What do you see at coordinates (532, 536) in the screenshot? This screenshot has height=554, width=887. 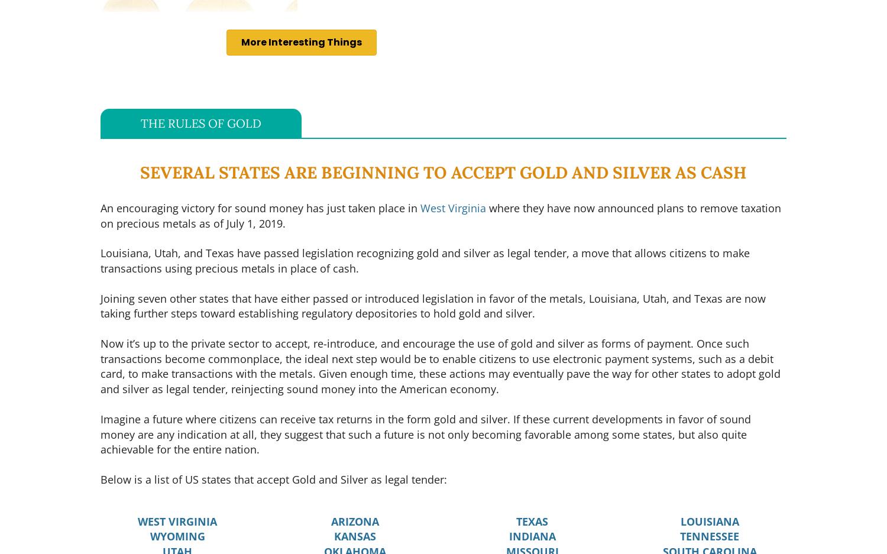 I see `'INDIANA'` at bounding box center [532, 536].